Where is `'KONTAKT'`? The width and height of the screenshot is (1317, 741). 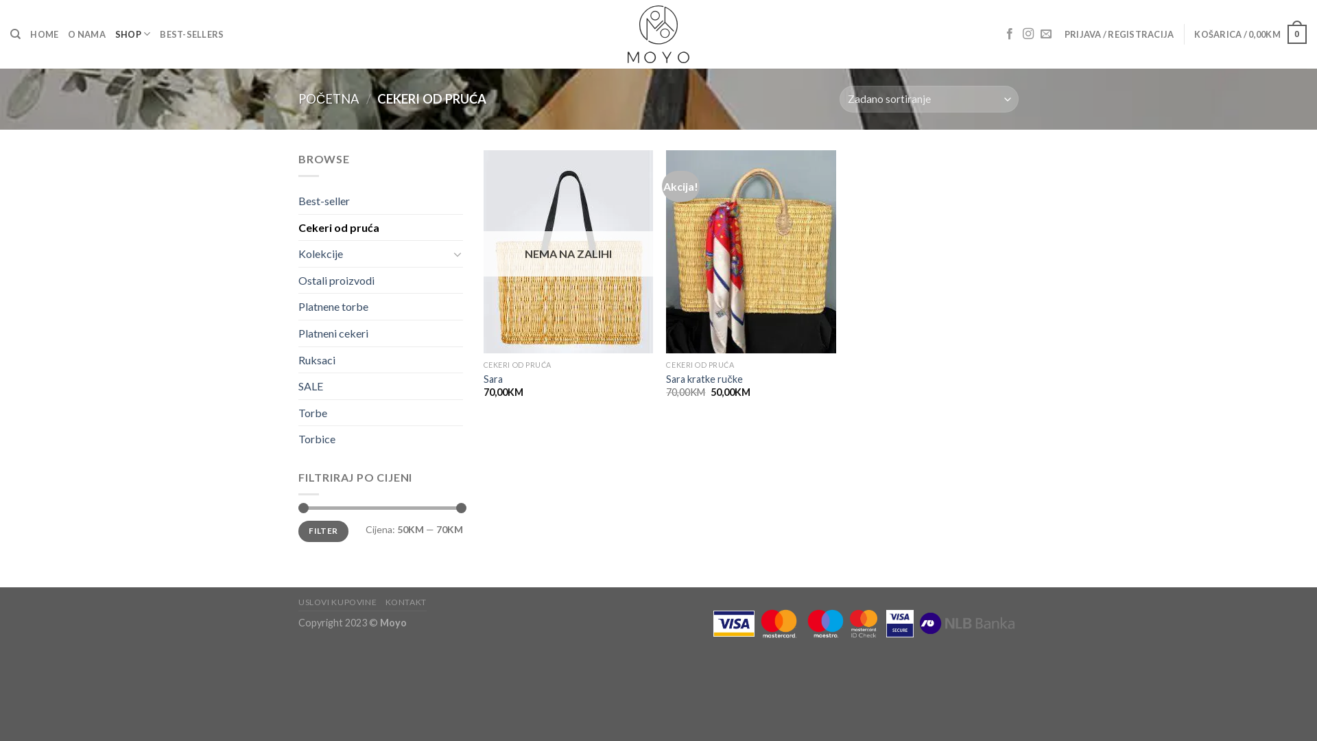 'KONTAKT' is located at coordinates (405, 601).